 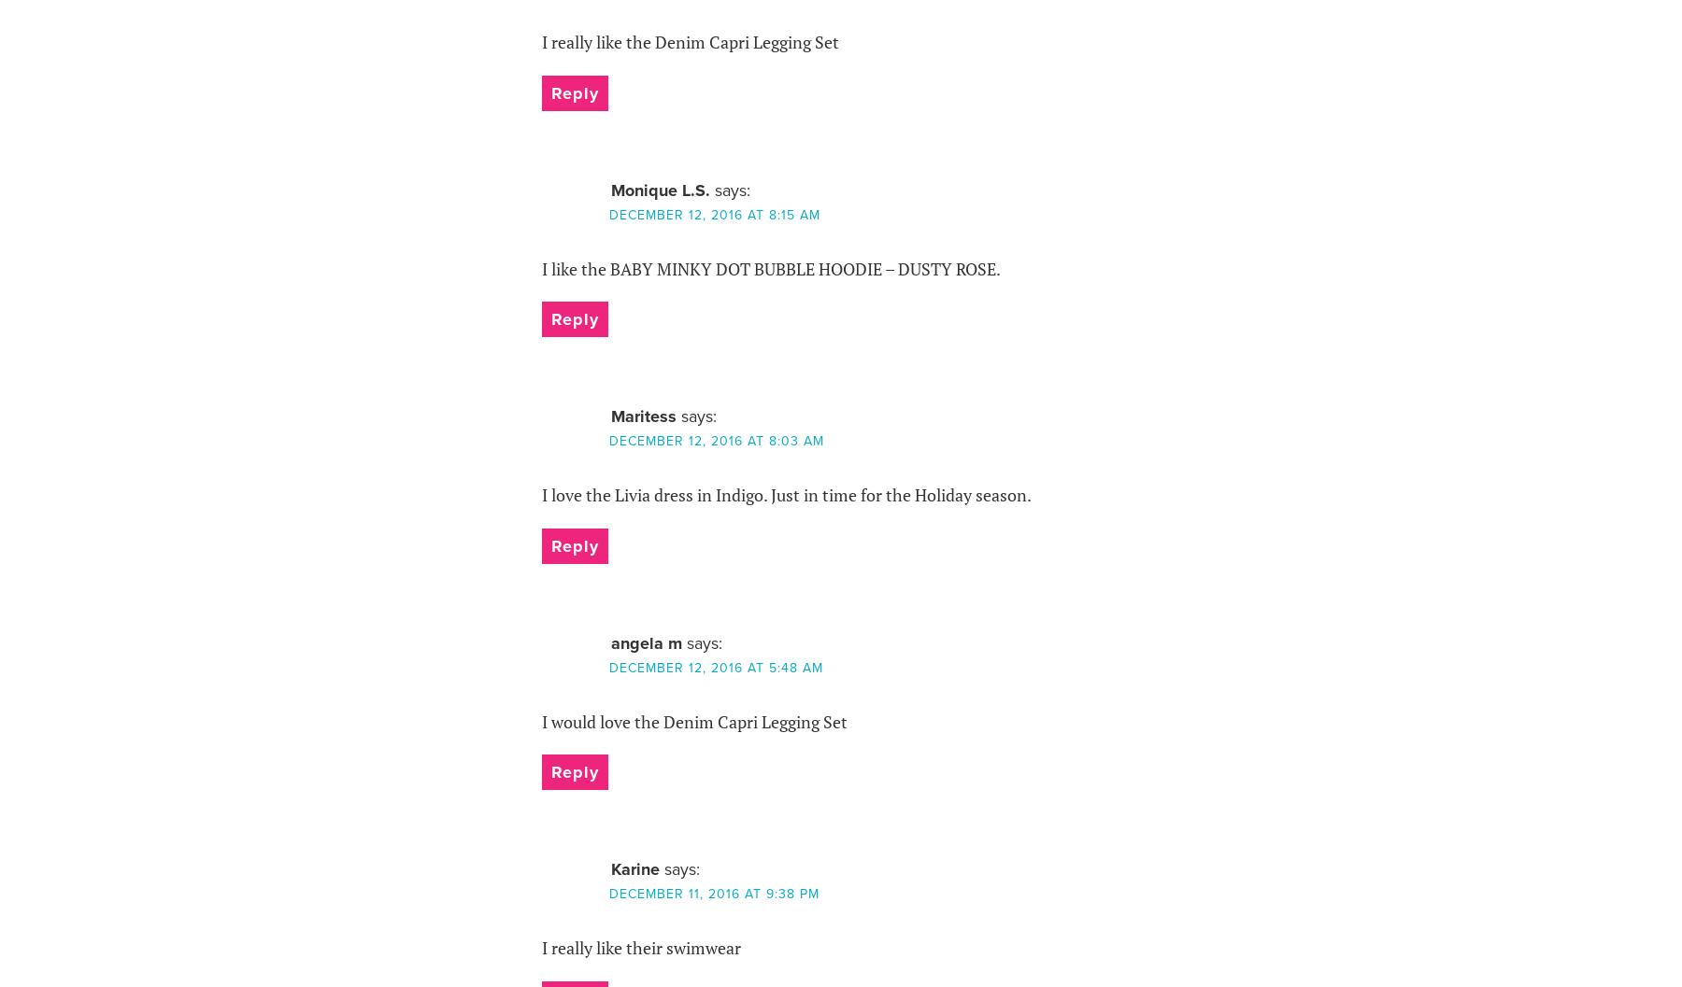 I want to click on 'I like the BABY MINKY DOT BUBBLE HOODIE – DUSTY ROSE.', so click(x=541, y=266).